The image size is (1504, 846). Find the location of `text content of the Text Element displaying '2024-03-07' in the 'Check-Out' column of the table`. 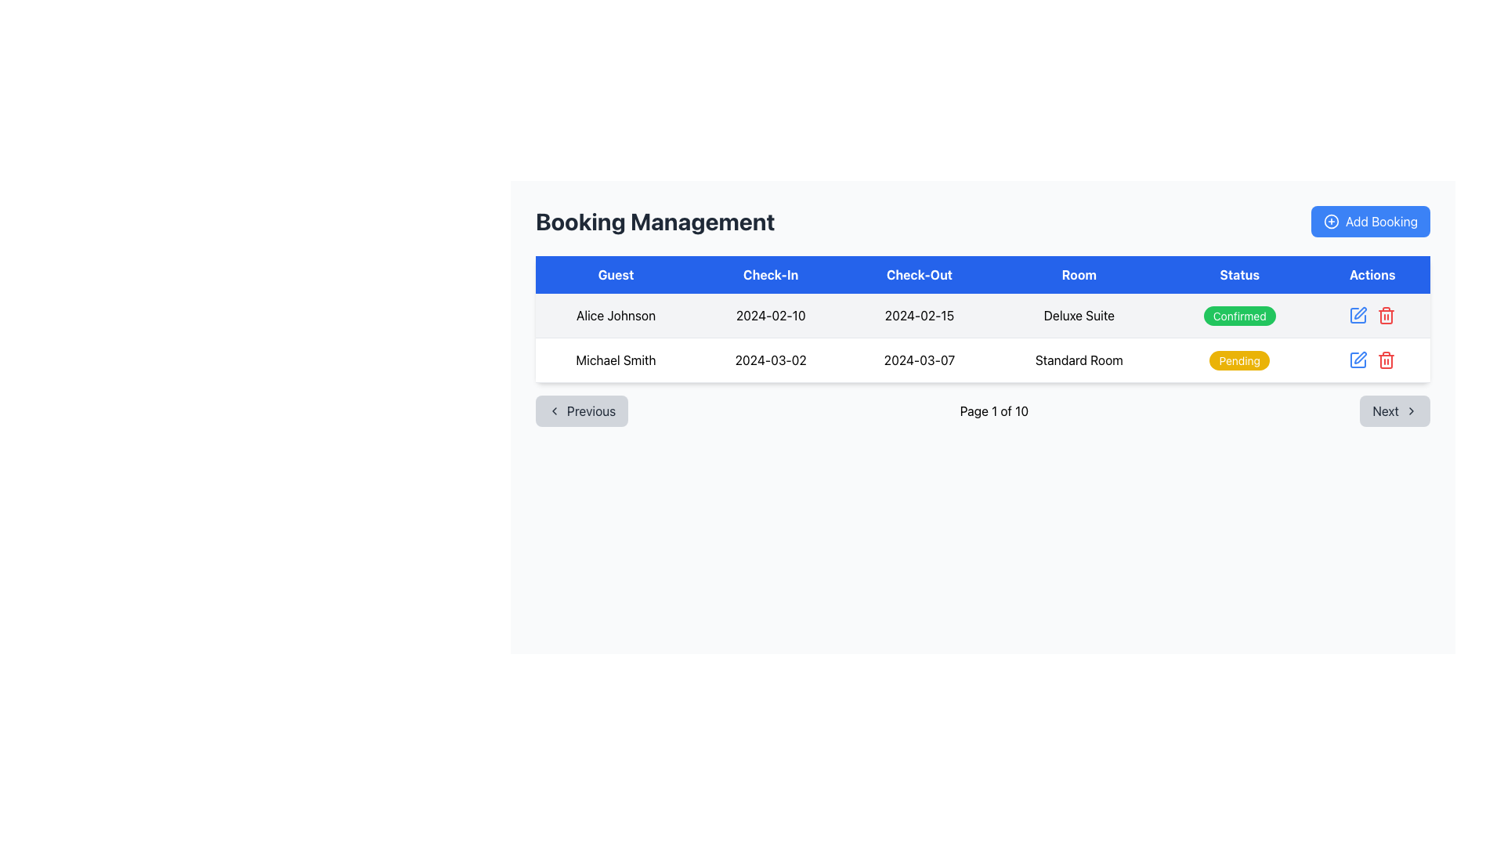

text content of the Text Element displaying '2024-03-07' in the 'Check-Out' column of the table is located at coordinates (919, 360).